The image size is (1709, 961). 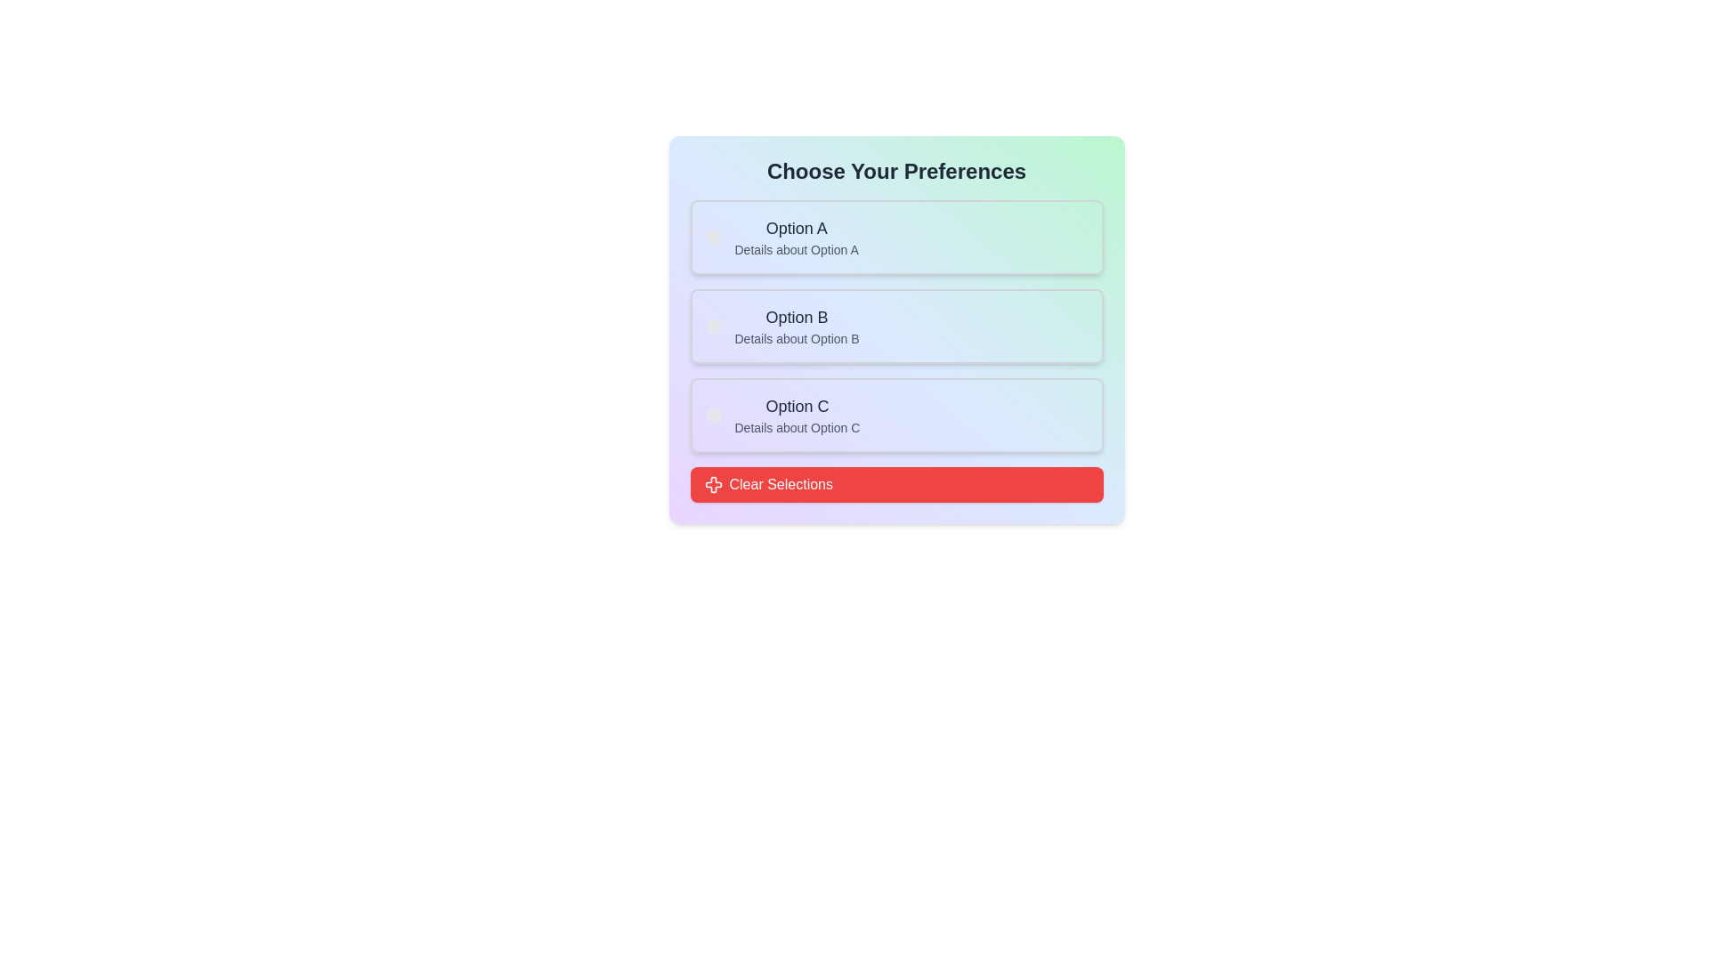 What do you see at coordinates (796, 428) in the screenshot?
I see `the text label reading 'Details about Option C', which is a smaller gray text displayed beneath the larger title 'Option C' within the third card of options` at bounding box center [796, 428].